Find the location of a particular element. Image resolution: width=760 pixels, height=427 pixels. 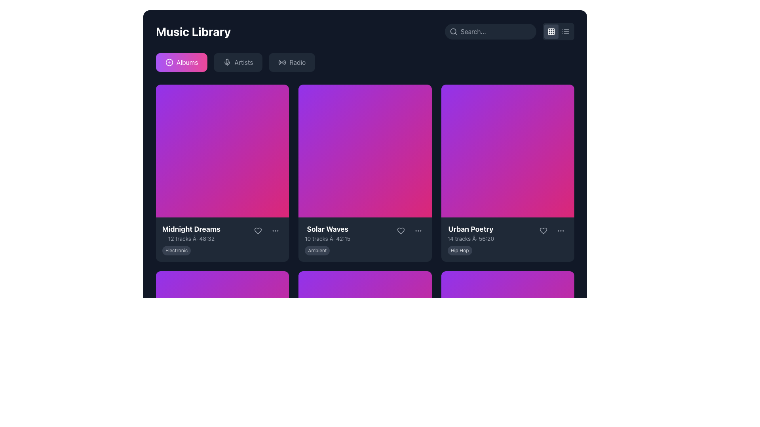

text displayed in the third album or playlist card from the left in the top row, located in the lower section of the card is located at coordinates (471, 233).